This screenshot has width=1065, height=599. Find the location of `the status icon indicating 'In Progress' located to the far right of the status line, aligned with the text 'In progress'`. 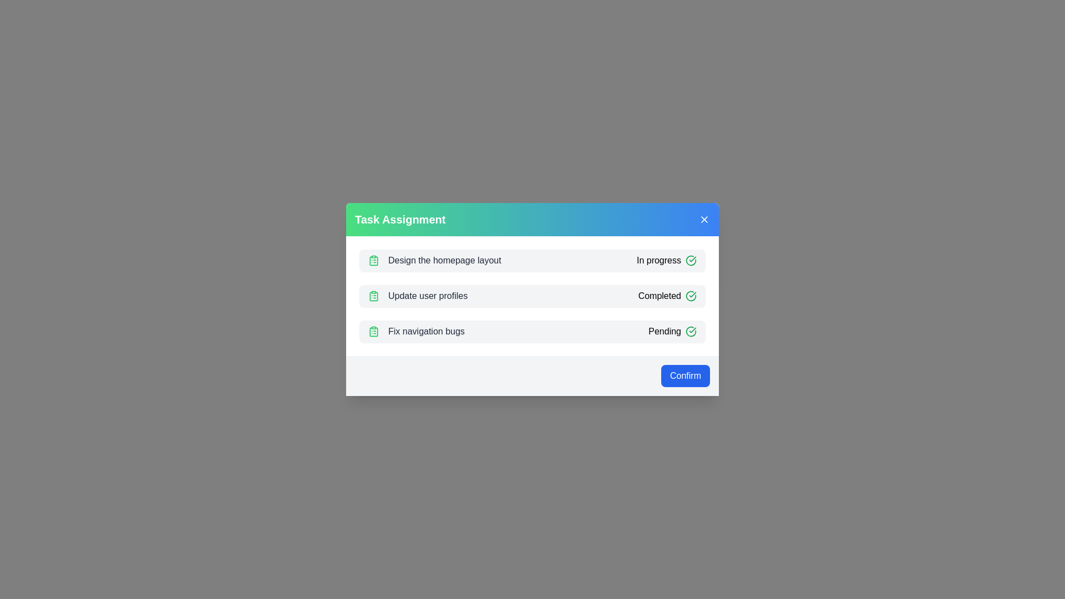

the status icon indicating 'In Progress' located to the far right of the status line, aligned with the text 'In progress' is located at coordinates (691, 261).